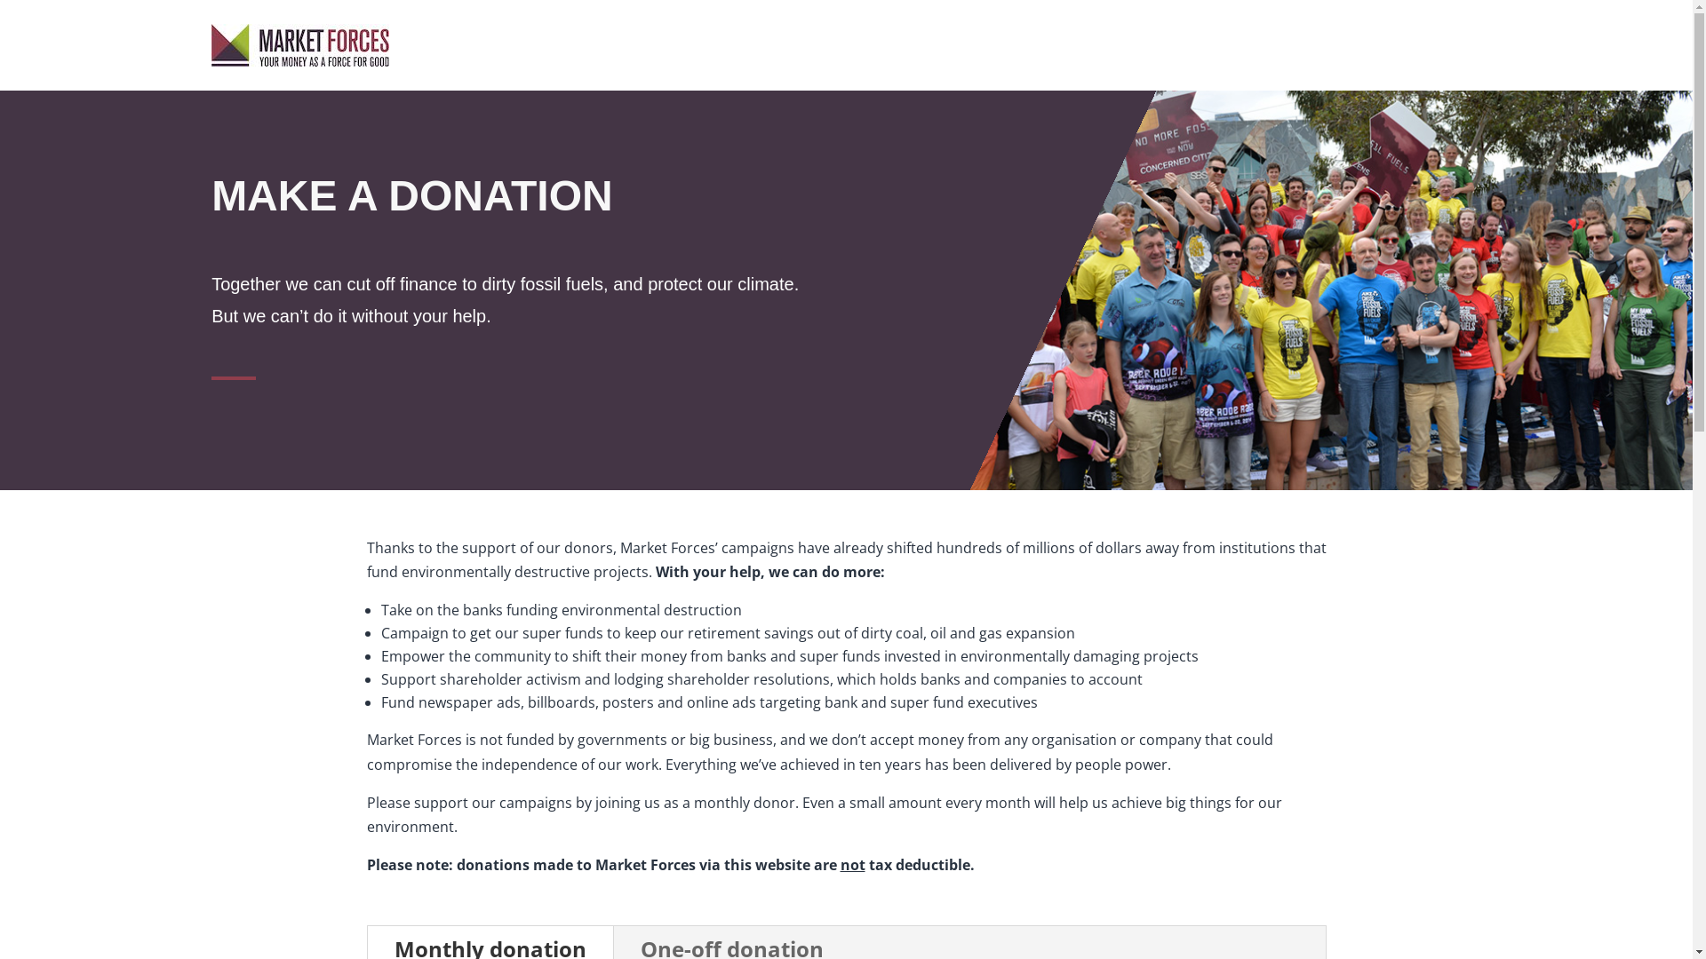 Image resolution: width=1706 pixels, height=959 pixels. What do you see at coordinates (299, 44) in the screenshot?
I see `'Market Forces logo'` at bounding box center [299, 44].